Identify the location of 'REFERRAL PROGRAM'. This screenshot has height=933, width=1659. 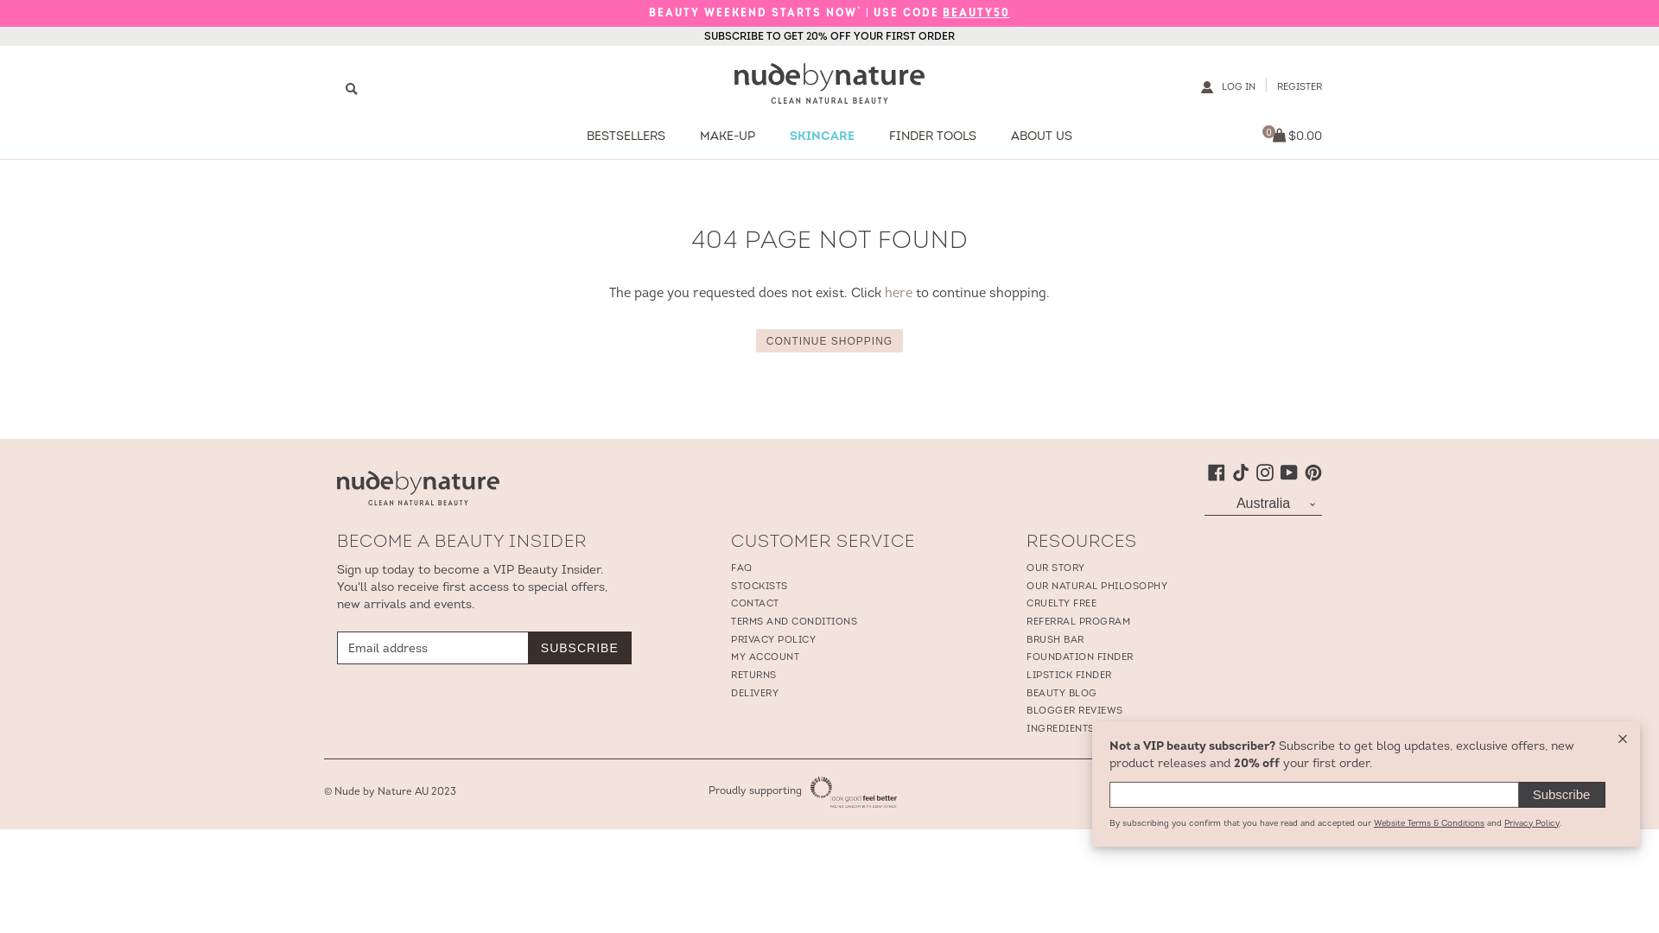
(1077, 622).